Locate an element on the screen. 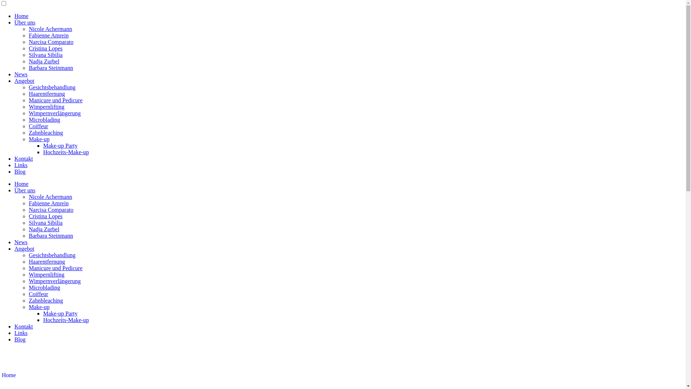  'Cristina Lopes' is located at coordinates (45, 216).